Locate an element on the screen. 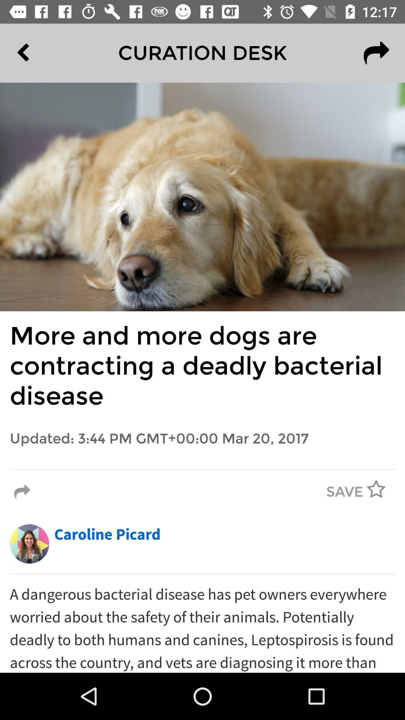 Image resolution: width=405 pixels, height=720 pixels. icon at the top right corner is located at coordinates (376, 52).